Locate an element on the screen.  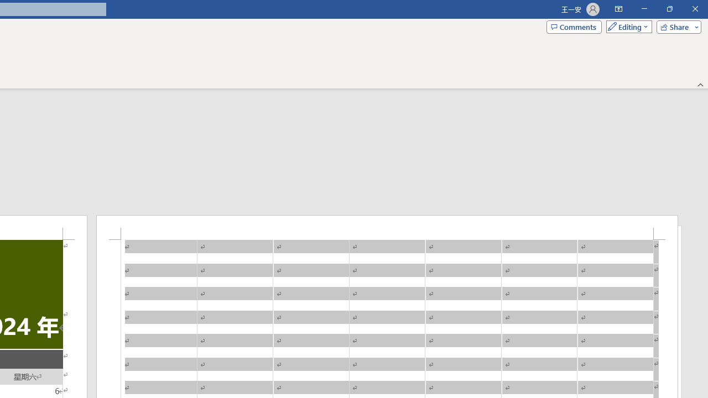
'Restore Down' is located at coordinates (669, 9).